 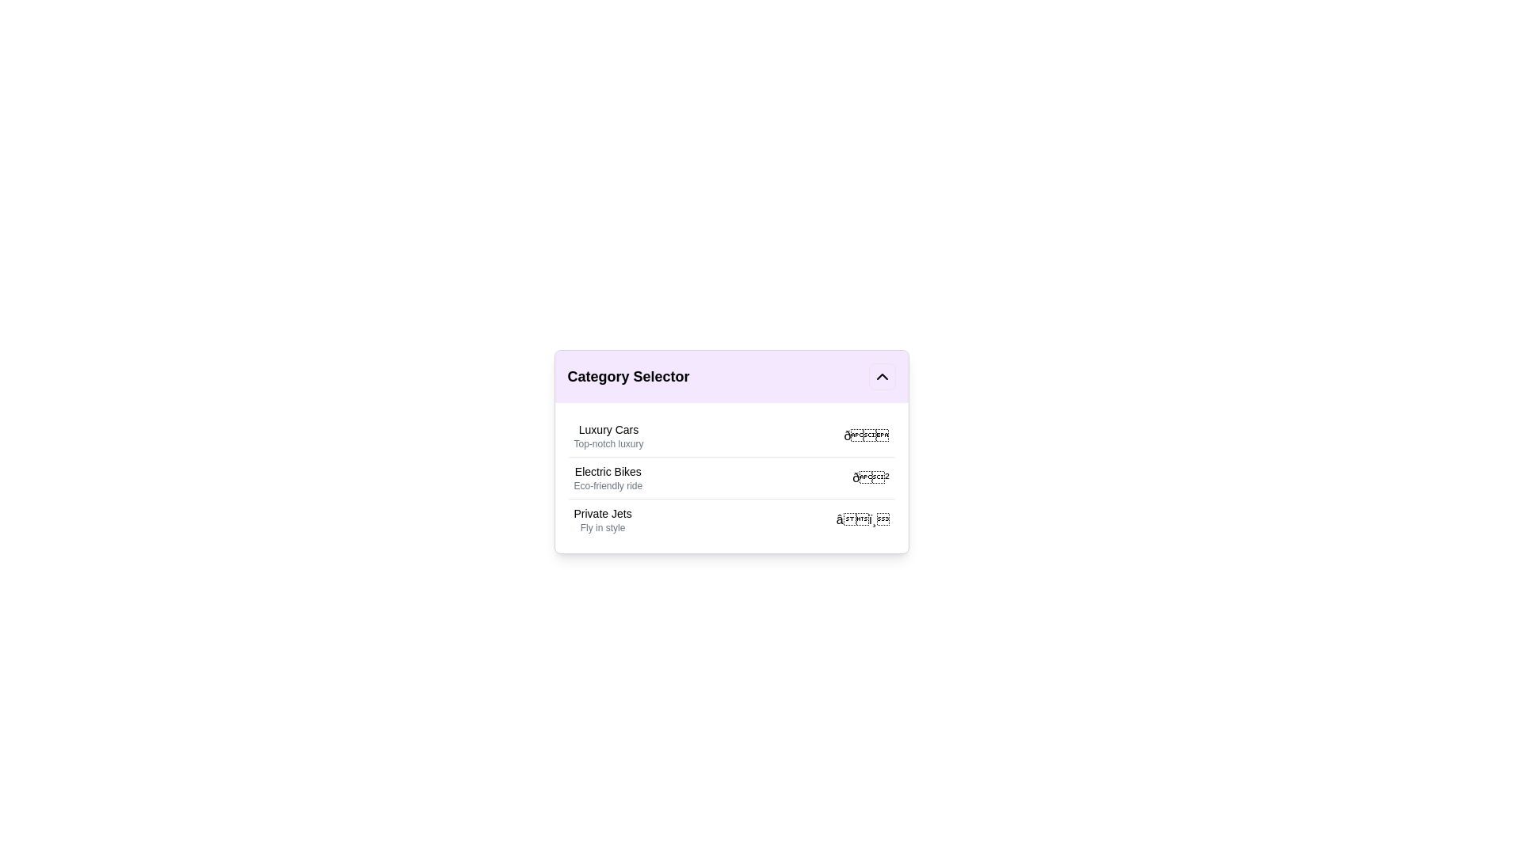 I want to click on the button icon located at the top-right corner of the light purple header of the 'Category Selector' popup card for keyboard navigation, so click(x=881, y=376).